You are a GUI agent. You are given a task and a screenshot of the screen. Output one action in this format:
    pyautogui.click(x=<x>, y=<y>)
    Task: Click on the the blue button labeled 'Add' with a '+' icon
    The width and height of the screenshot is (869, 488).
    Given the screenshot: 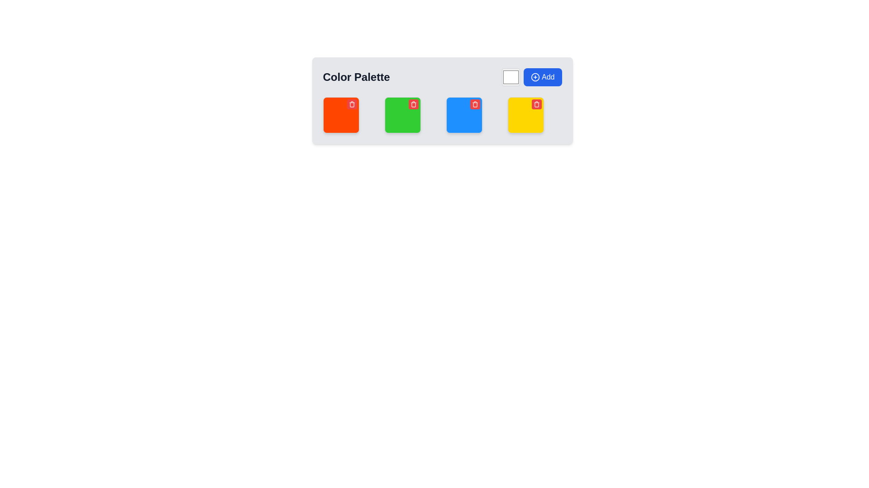 What is the action you would take?
    pyautogui.click(x=532, y=76)
    